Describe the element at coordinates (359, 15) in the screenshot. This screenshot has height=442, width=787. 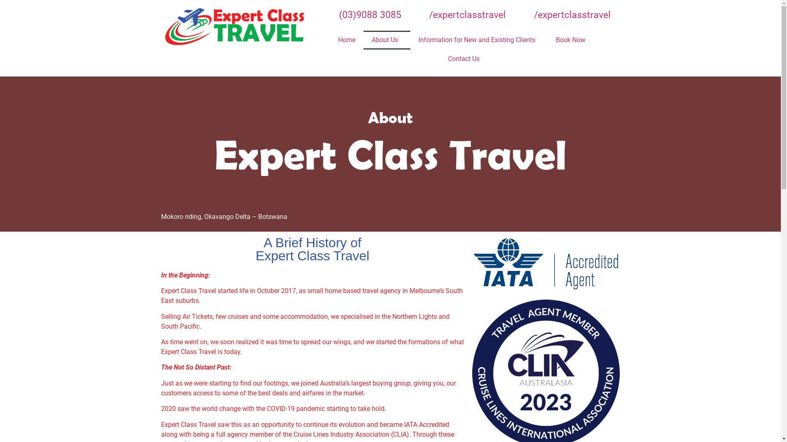
I see `'(03)9088 3085'` at that location.